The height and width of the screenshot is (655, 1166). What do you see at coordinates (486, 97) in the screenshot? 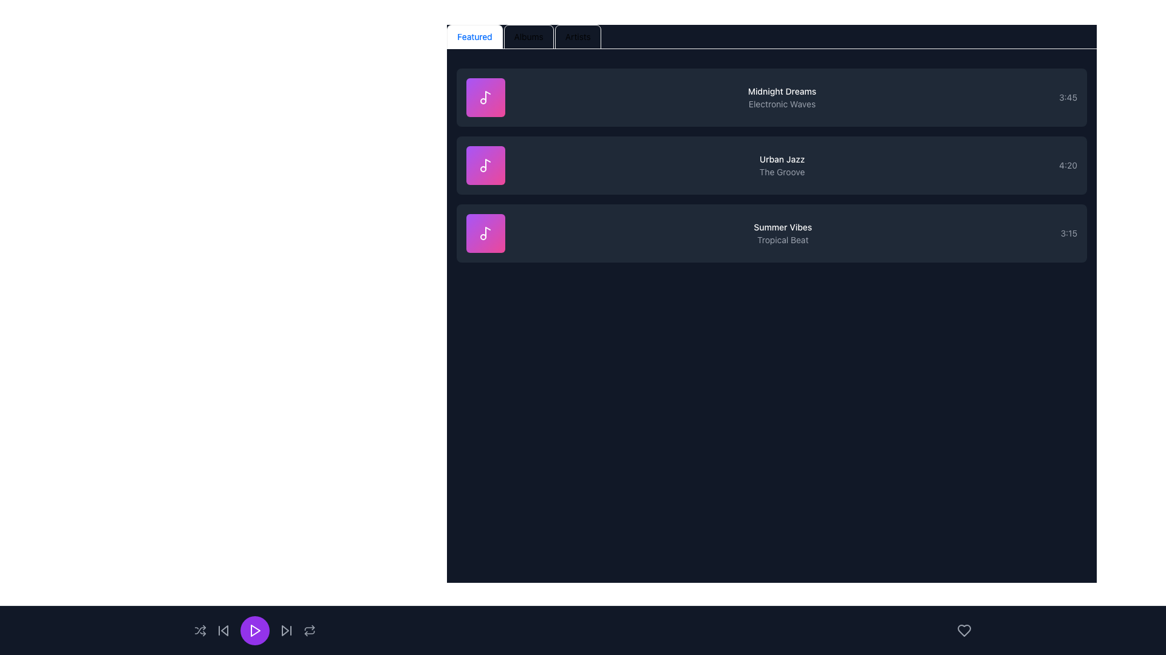
I see `the square-shaped icon with a gradient background transitioning from purple to pink that contains a white music note, located on the left side of the list item labeled 'Midnight Dreams' and 'Electronic Waves'` at bounding box center [486, 97].